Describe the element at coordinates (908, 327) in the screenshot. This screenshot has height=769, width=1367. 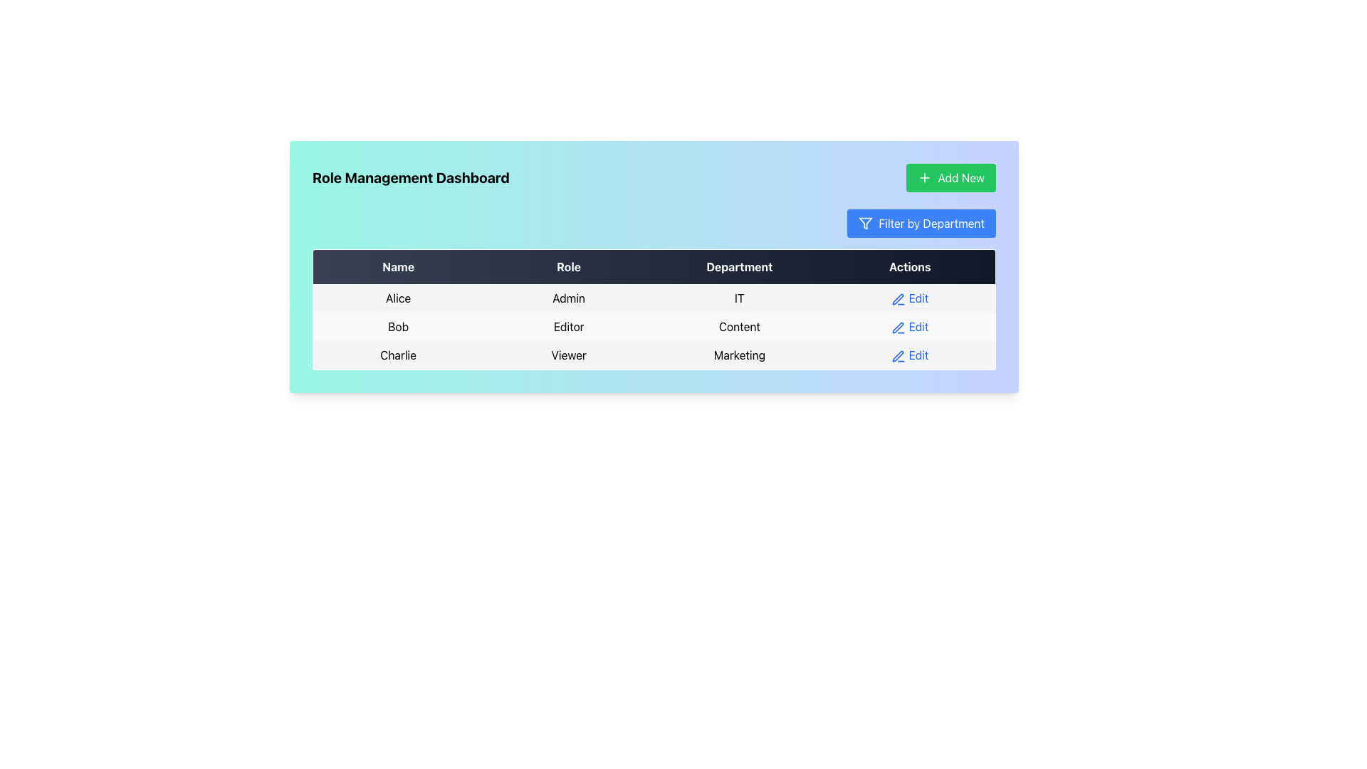
I see `the second 'Edit' hyperlink with an icon in the 'Actions' column of the table row for the 'Content' department` at that location.